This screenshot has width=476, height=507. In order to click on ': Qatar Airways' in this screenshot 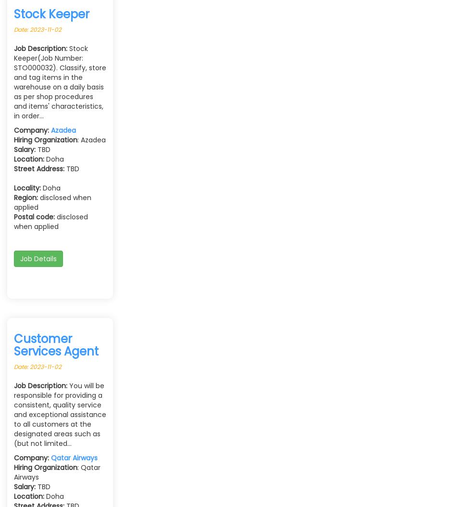, I will do `click(56, 471)`.